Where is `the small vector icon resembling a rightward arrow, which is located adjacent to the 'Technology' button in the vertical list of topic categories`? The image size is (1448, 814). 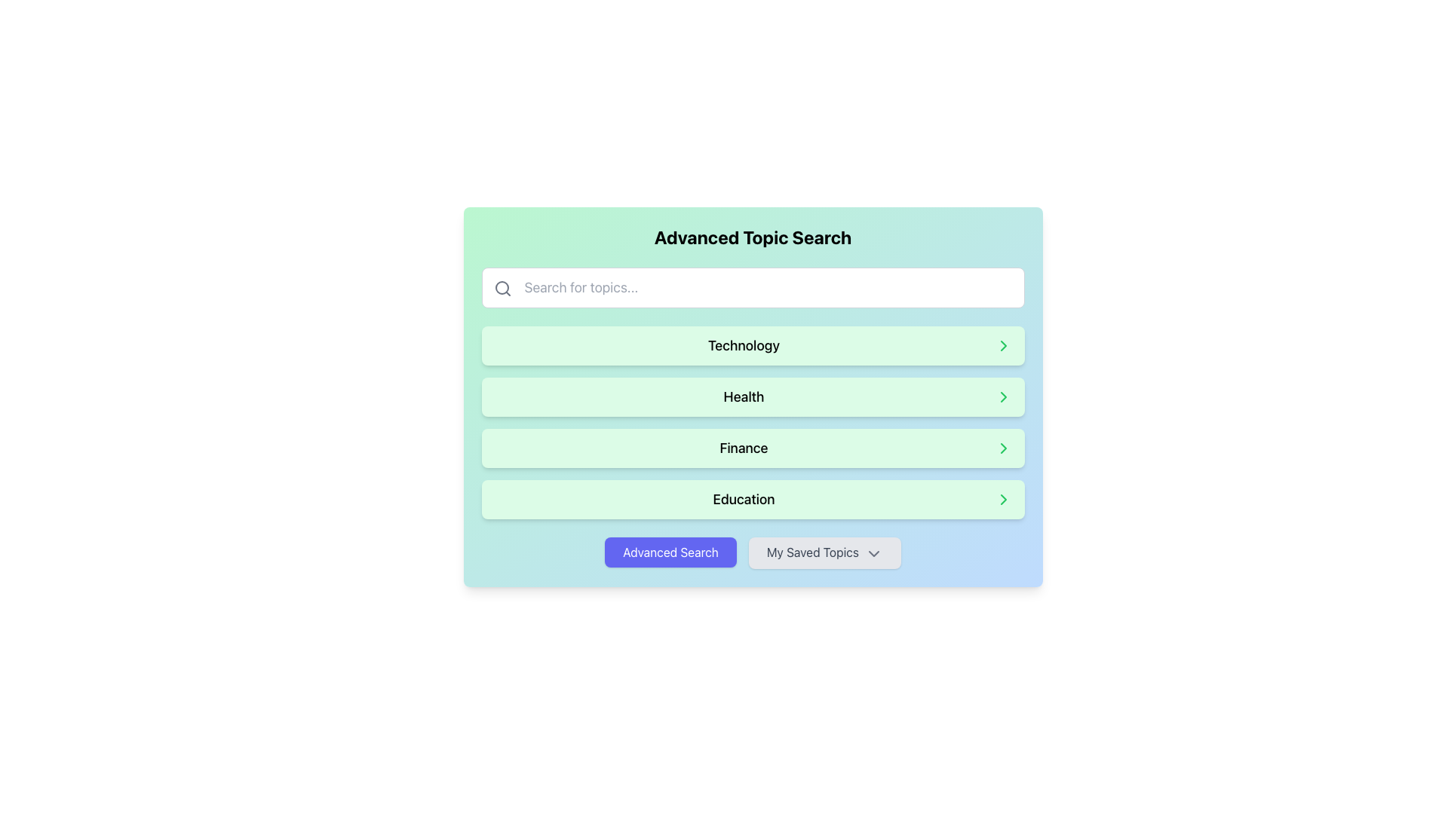
the small vector icon resembling a rightward arrow, which is located adjacent to the 'Technology' button in the vertical list of topic categories is located at coordinates (1003, 346).